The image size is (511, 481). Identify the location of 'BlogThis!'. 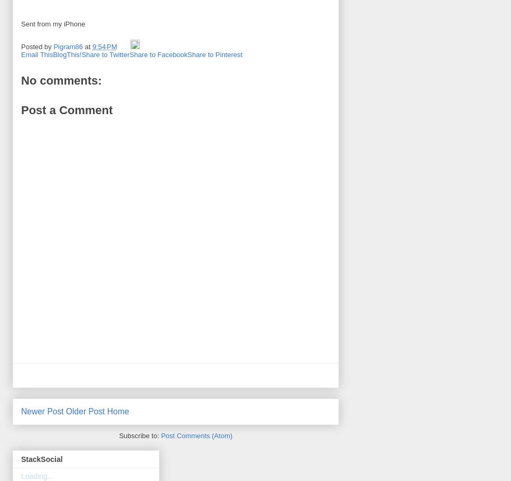
(67, 54).